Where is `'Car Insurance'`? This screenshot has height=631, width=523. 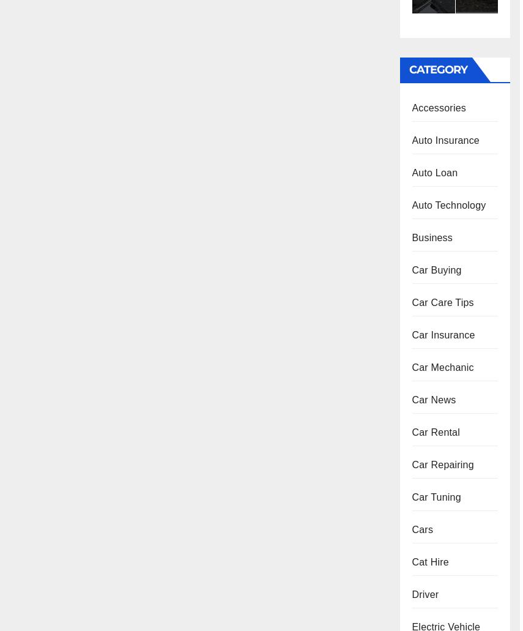 'Car Insurance' is located at coordinates (443, 334).